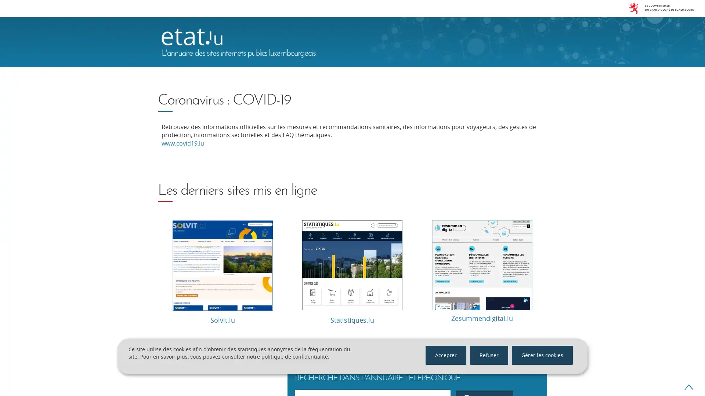 Image resolution: width=705 pixels, height=396 pixels. What do you see at coordinates (489, 355) in the screenshot?
I see `Refuser` at bounding box center [489, 355].